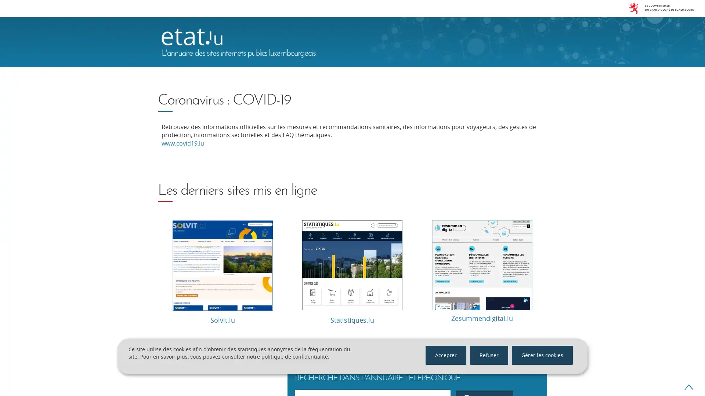 Image resolution: width=705 pixels, height=396 pixels. What do you see at coordinates (489, 355) in the screenshot?
I see `Refuser` at bounding box center [489, 355].